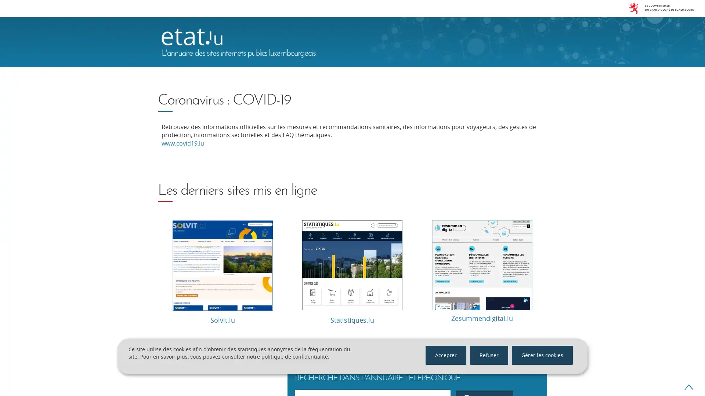 Image resolution: width=705 pixels, height=396 pixels. What do you see at coordinates (489, 355) in the screenshot?
I see `Refuser` at bounding box center [489, 355].